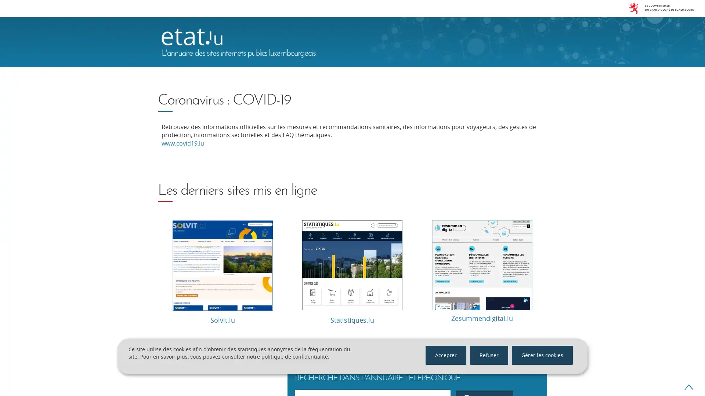 Image resolution: width=705 pixels, height=396 pixels. What do you see at coordinates (489, 355) in the screenshot?
I see `Refuser` at bounding box center [489, 355].